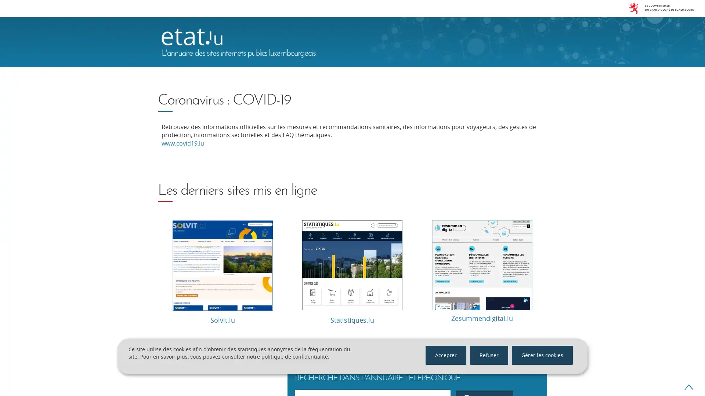 Image resolution: width=705 pixels, height=396 pixels. What do you see at coordinates (489, 355) in the screenshot?
I see `Refuser` at bounding box center [489, 355].